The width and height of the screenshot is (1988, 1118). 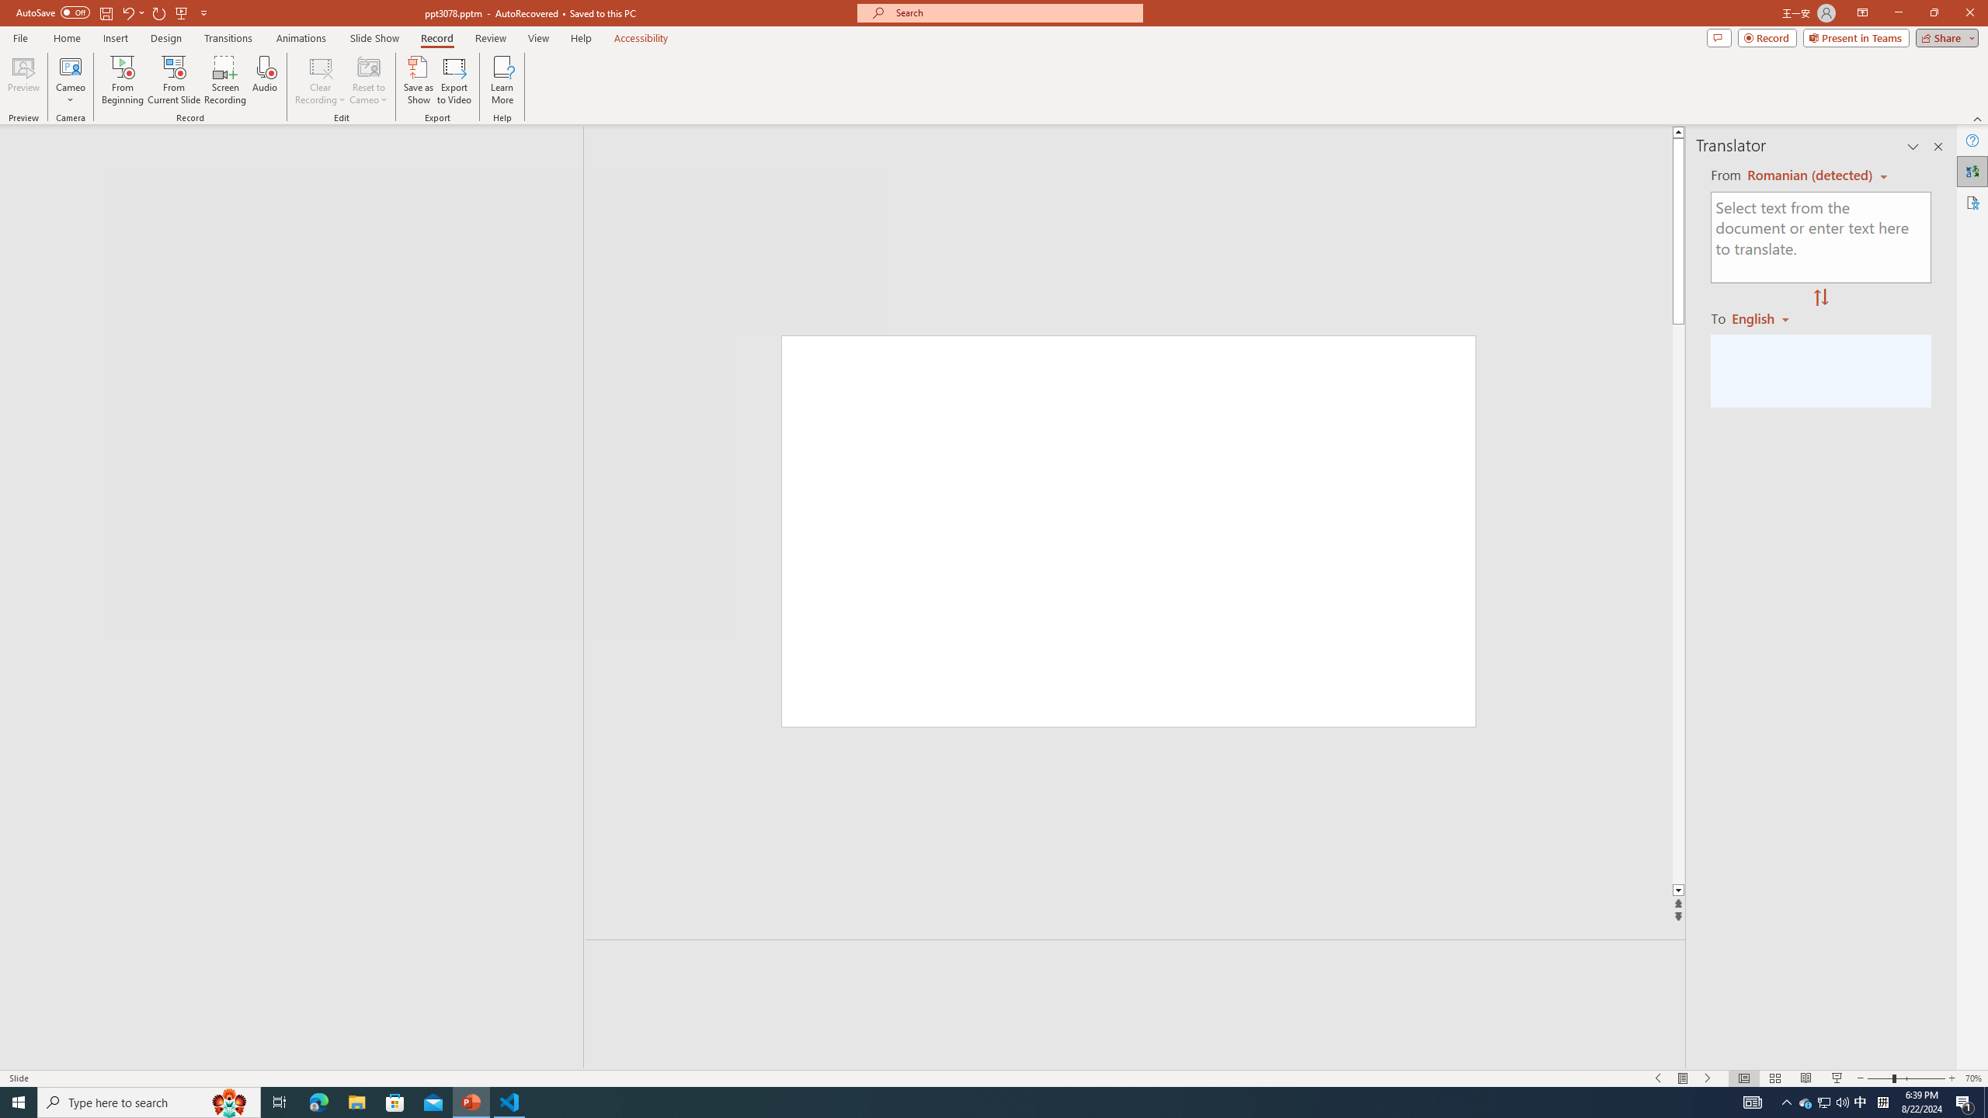 What do you see at coordinates (1879, 1078) in the screenshot?
I see `'Zoom Out'` at bounding box center [1879, 1078].